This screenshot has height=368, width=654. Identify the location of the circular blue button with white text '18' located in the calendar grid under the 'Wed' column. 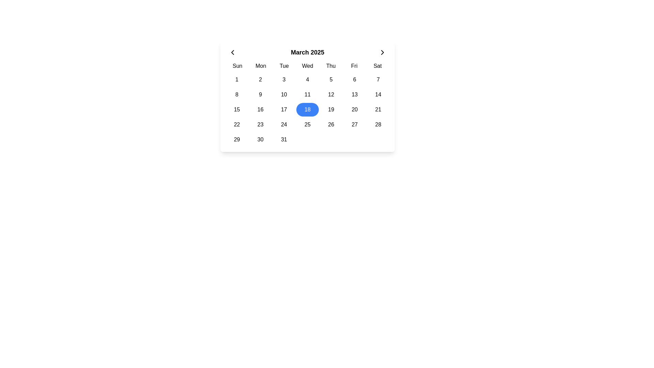
(307, 109).